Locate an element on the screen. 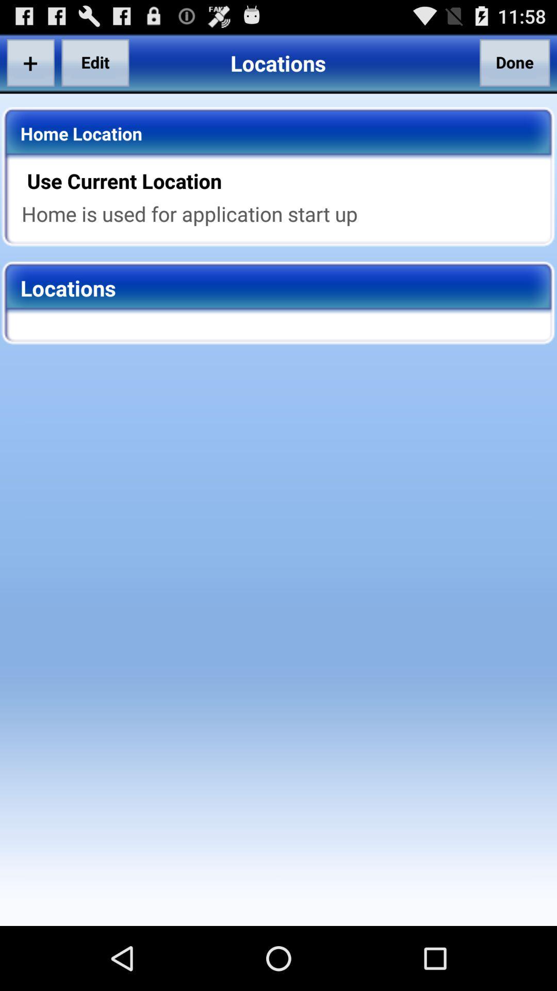 The image size is (557, 991). item next to the edit item is located at coordinates (30, 62).